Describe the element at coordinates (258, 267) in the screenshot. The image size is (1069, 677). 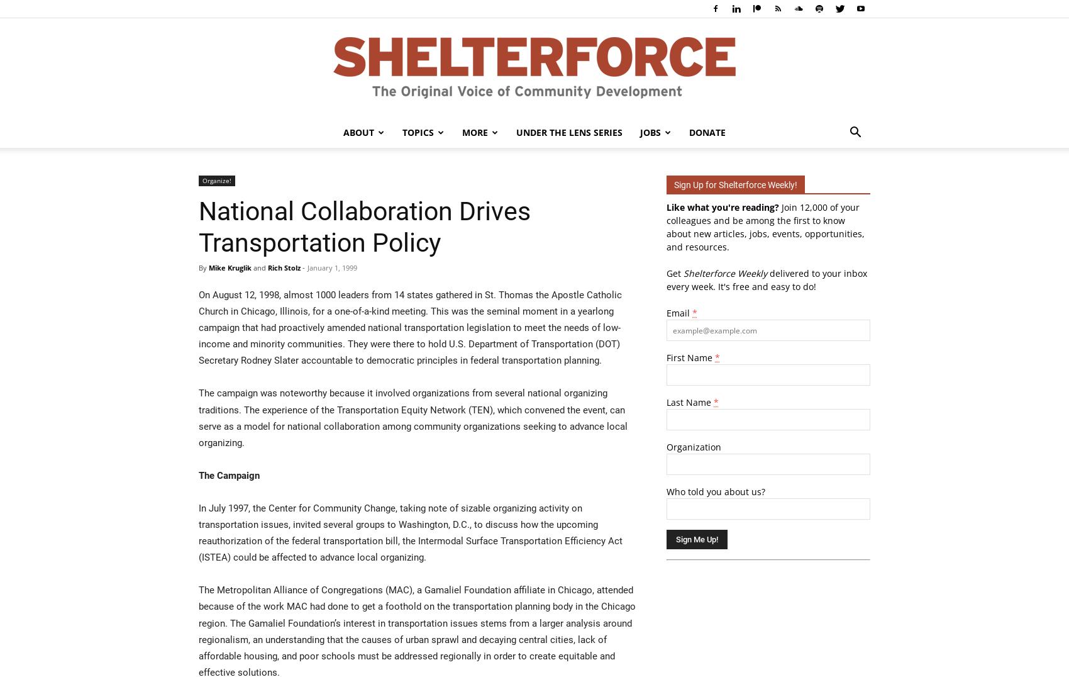
I see `'and'` at that location.